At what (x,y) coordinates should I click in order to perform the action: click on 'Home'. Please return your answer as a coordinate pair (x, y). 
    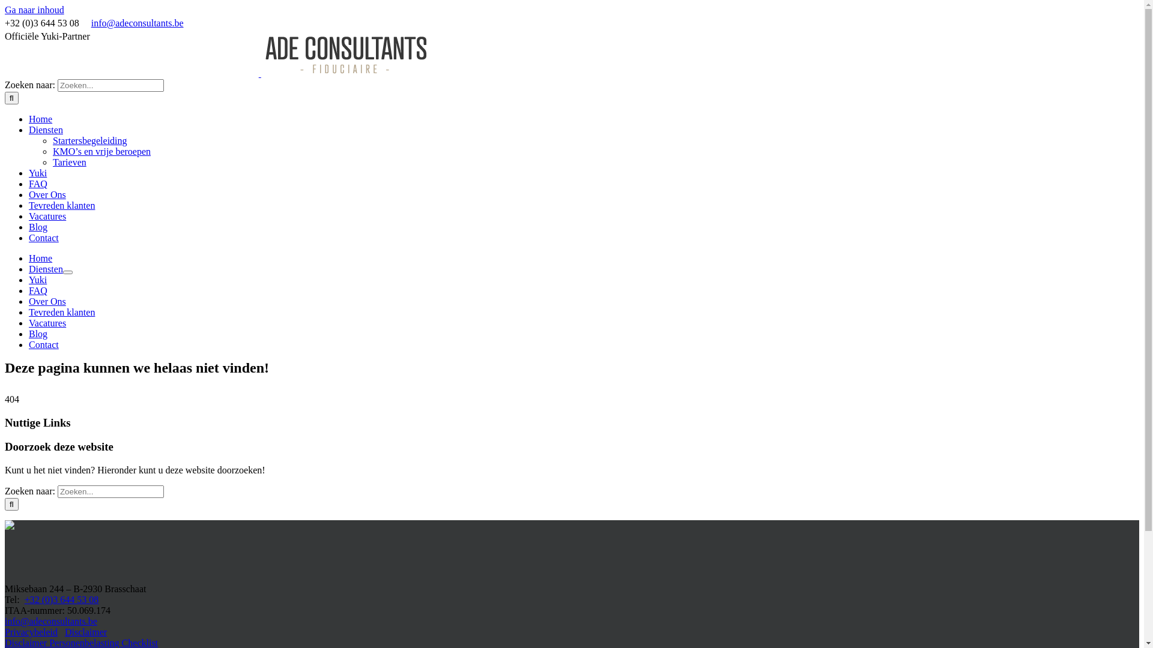
    Looking at the image, I should click on (40, 119).